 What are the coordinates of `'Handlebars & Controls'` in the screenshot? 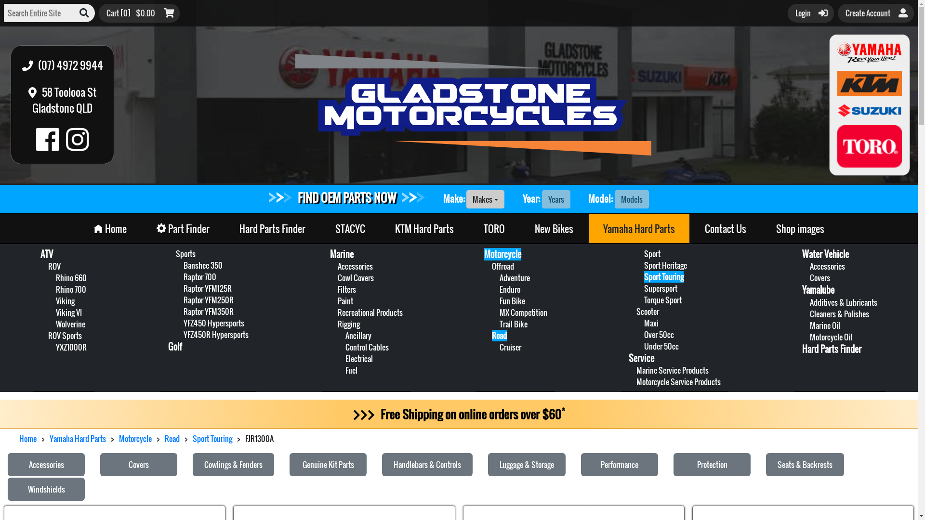 It's located at (427, 464).